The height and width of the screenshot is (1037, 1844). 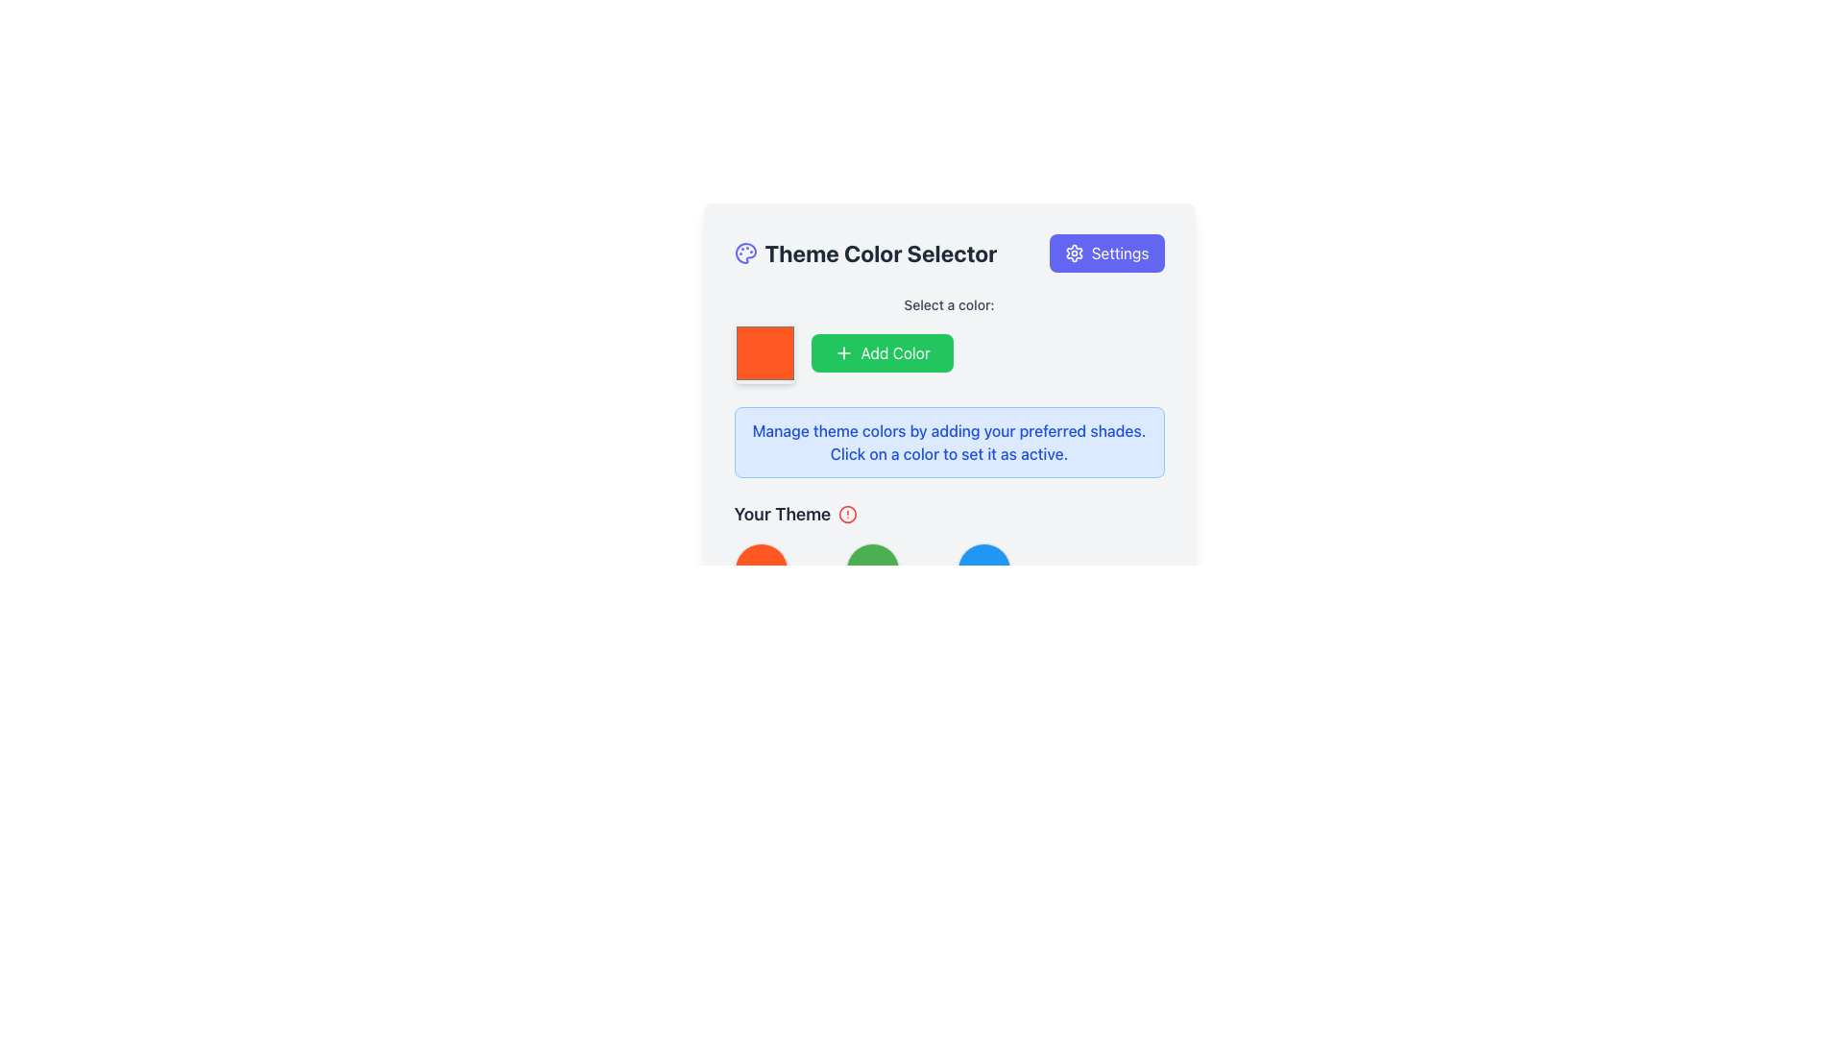 What do you see at coordinates (949, 339) in the screenshot?
I see `the button for adding a new color in the Theme Color Selector module` at bounding box center [949, 339].